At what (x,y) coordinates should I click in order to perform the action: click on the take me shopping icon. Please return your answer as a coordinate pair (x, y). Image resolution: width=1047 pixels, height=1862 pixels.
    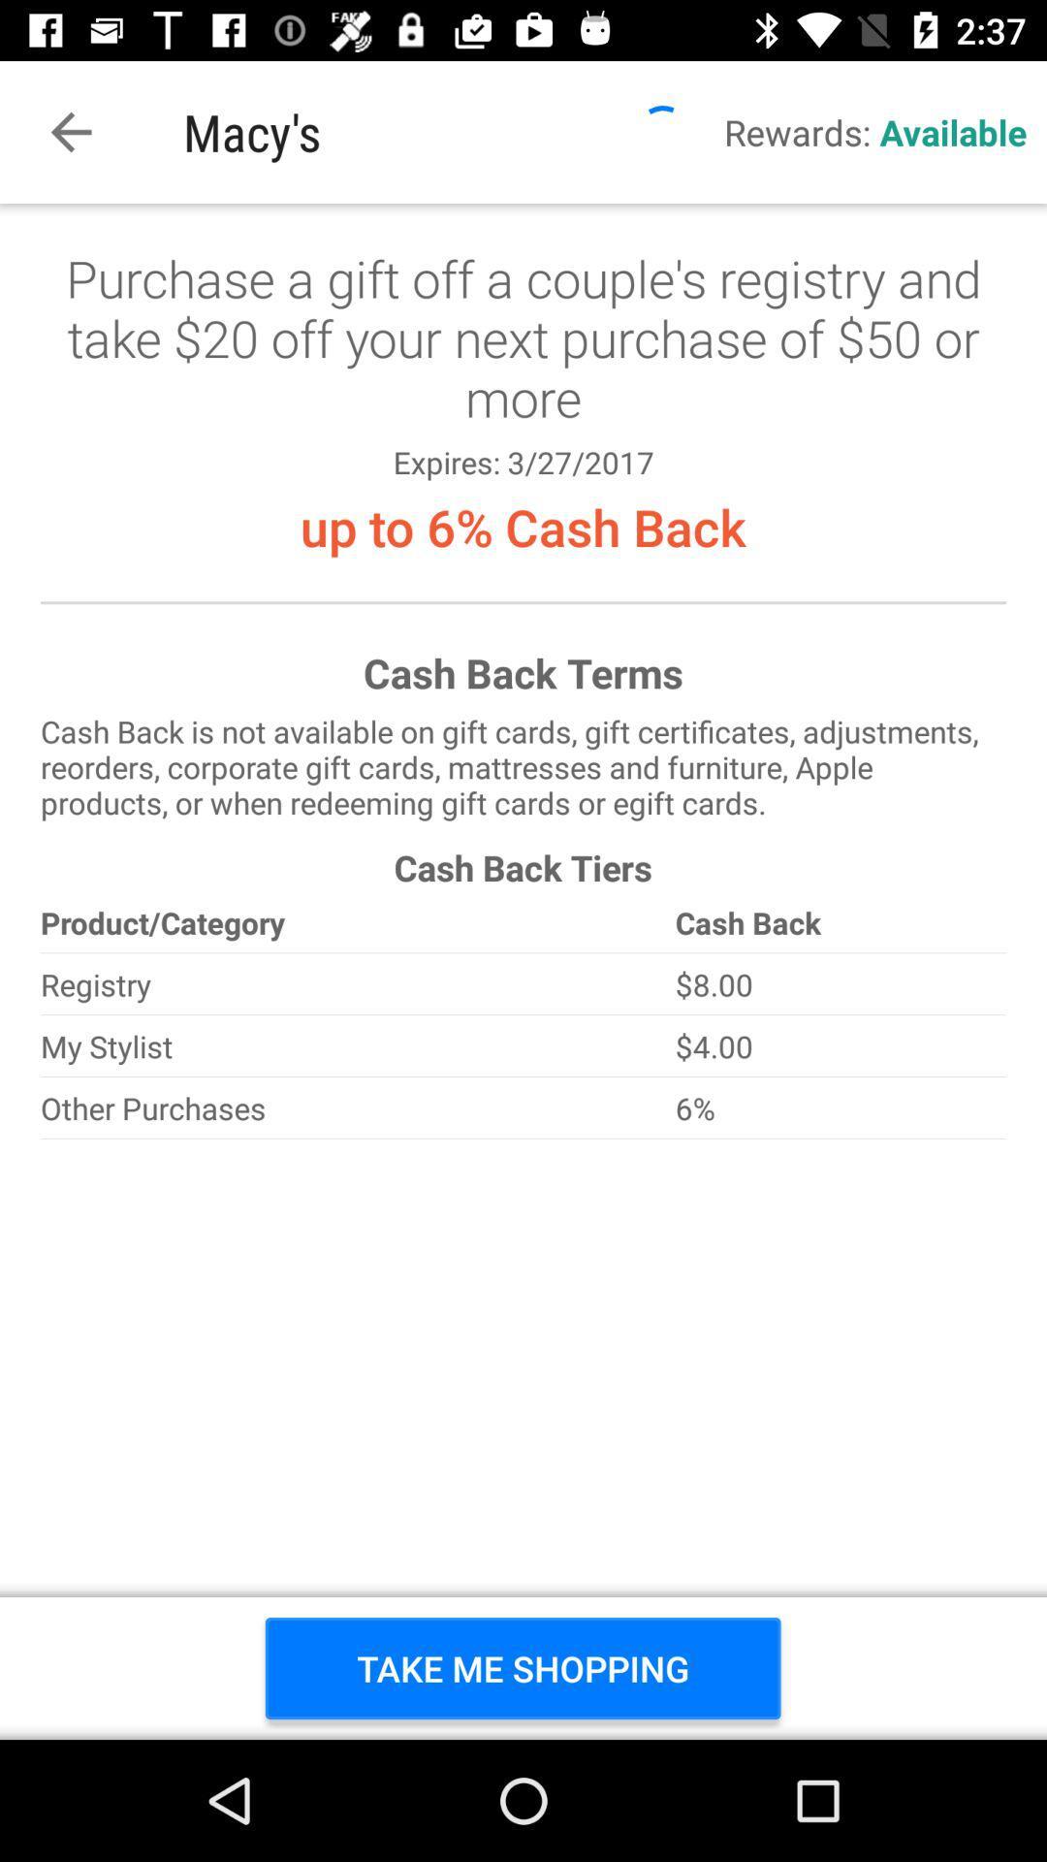
    Looking at the image, I should click on (522, 1667).